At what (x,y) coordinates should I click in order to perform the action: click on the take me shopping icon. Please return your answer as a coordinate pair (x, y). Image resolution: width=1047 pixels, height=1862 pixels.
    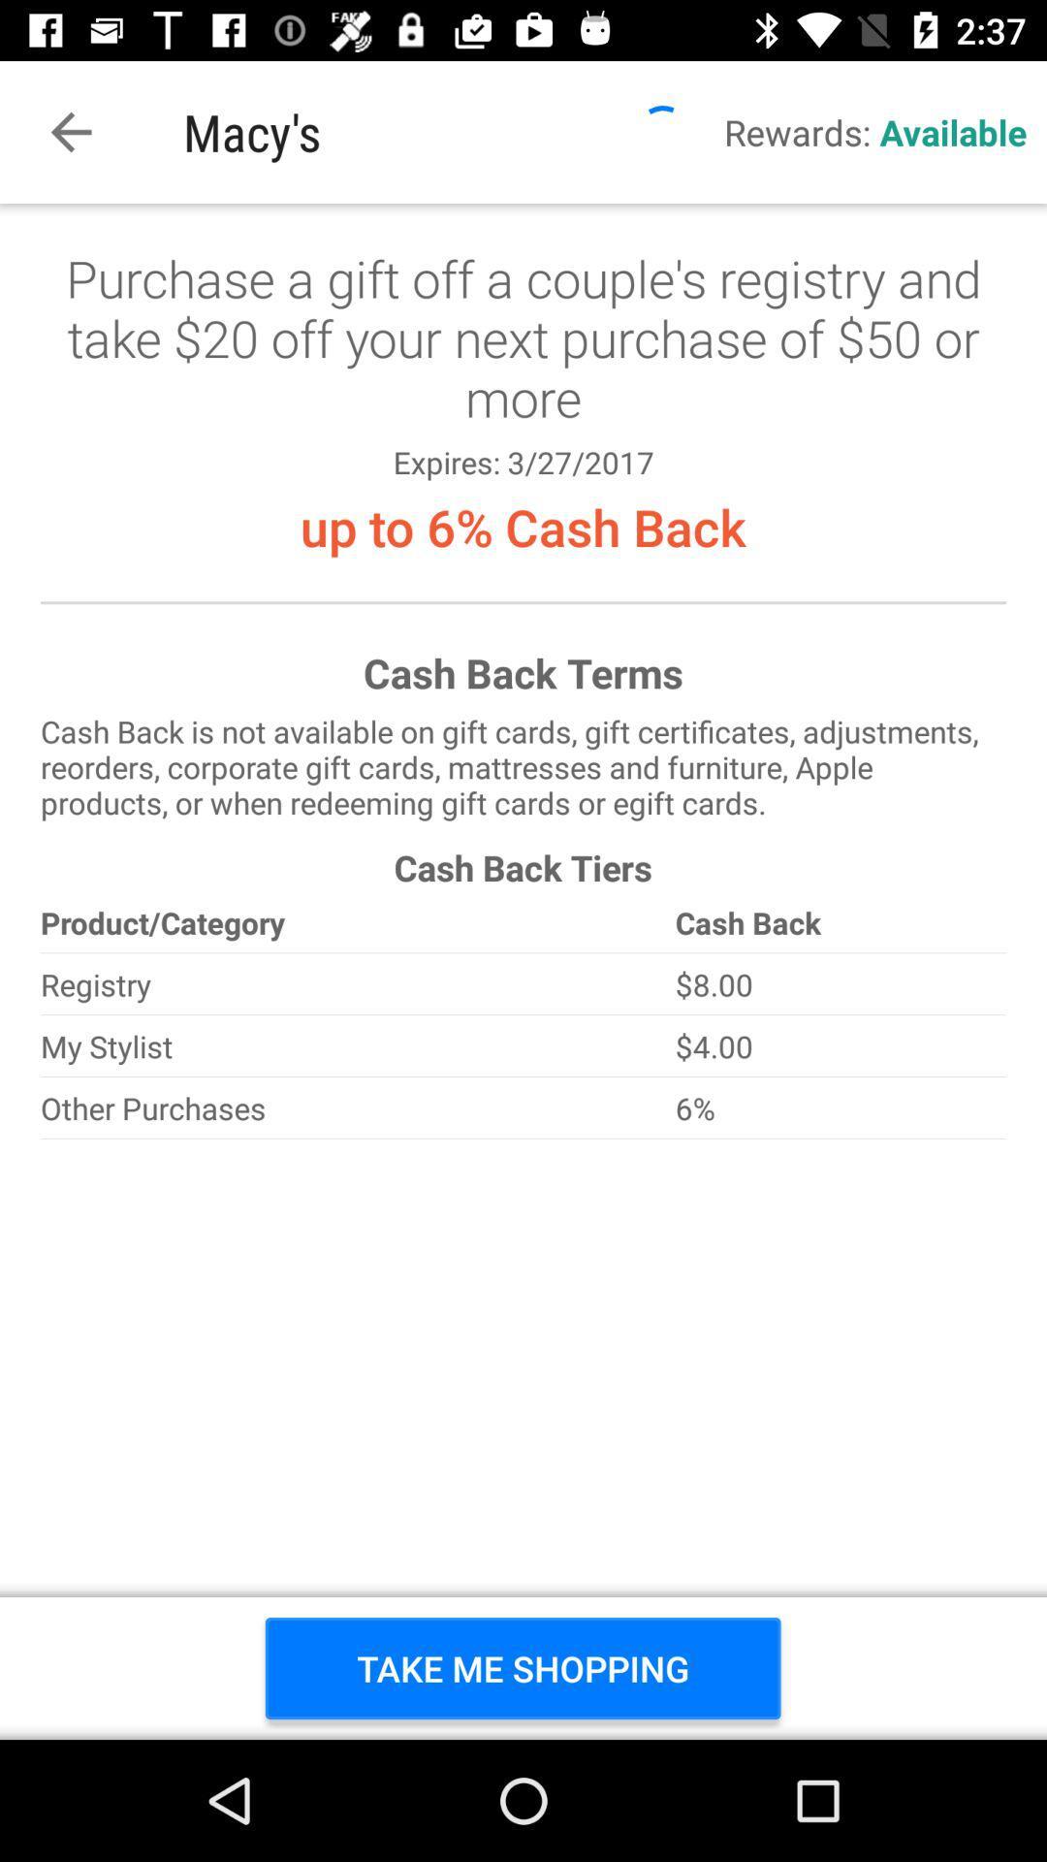
    Looking at the image, I should click on (522, 1667).